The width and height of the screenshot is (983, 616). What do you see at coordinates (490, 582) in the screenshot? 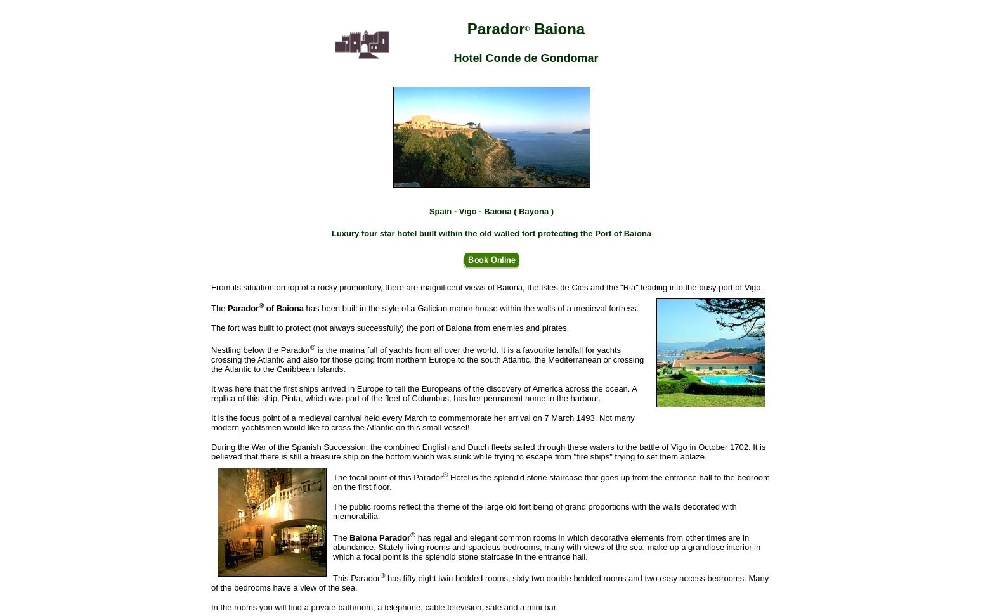
I see `'has fifty eight twin bedded rooms, sixty two double bedded
rooms and two easy access bedrooms. Many of the bedrooms have a
view of the sea.'` at bounding box center [490, 582].